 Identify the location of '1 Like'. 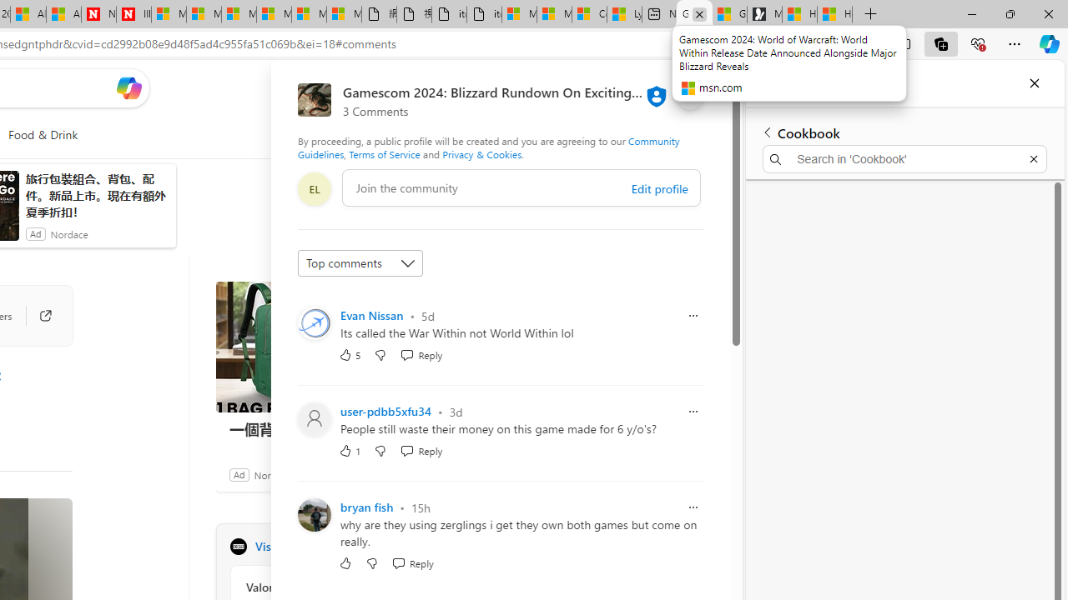
(349, 451).